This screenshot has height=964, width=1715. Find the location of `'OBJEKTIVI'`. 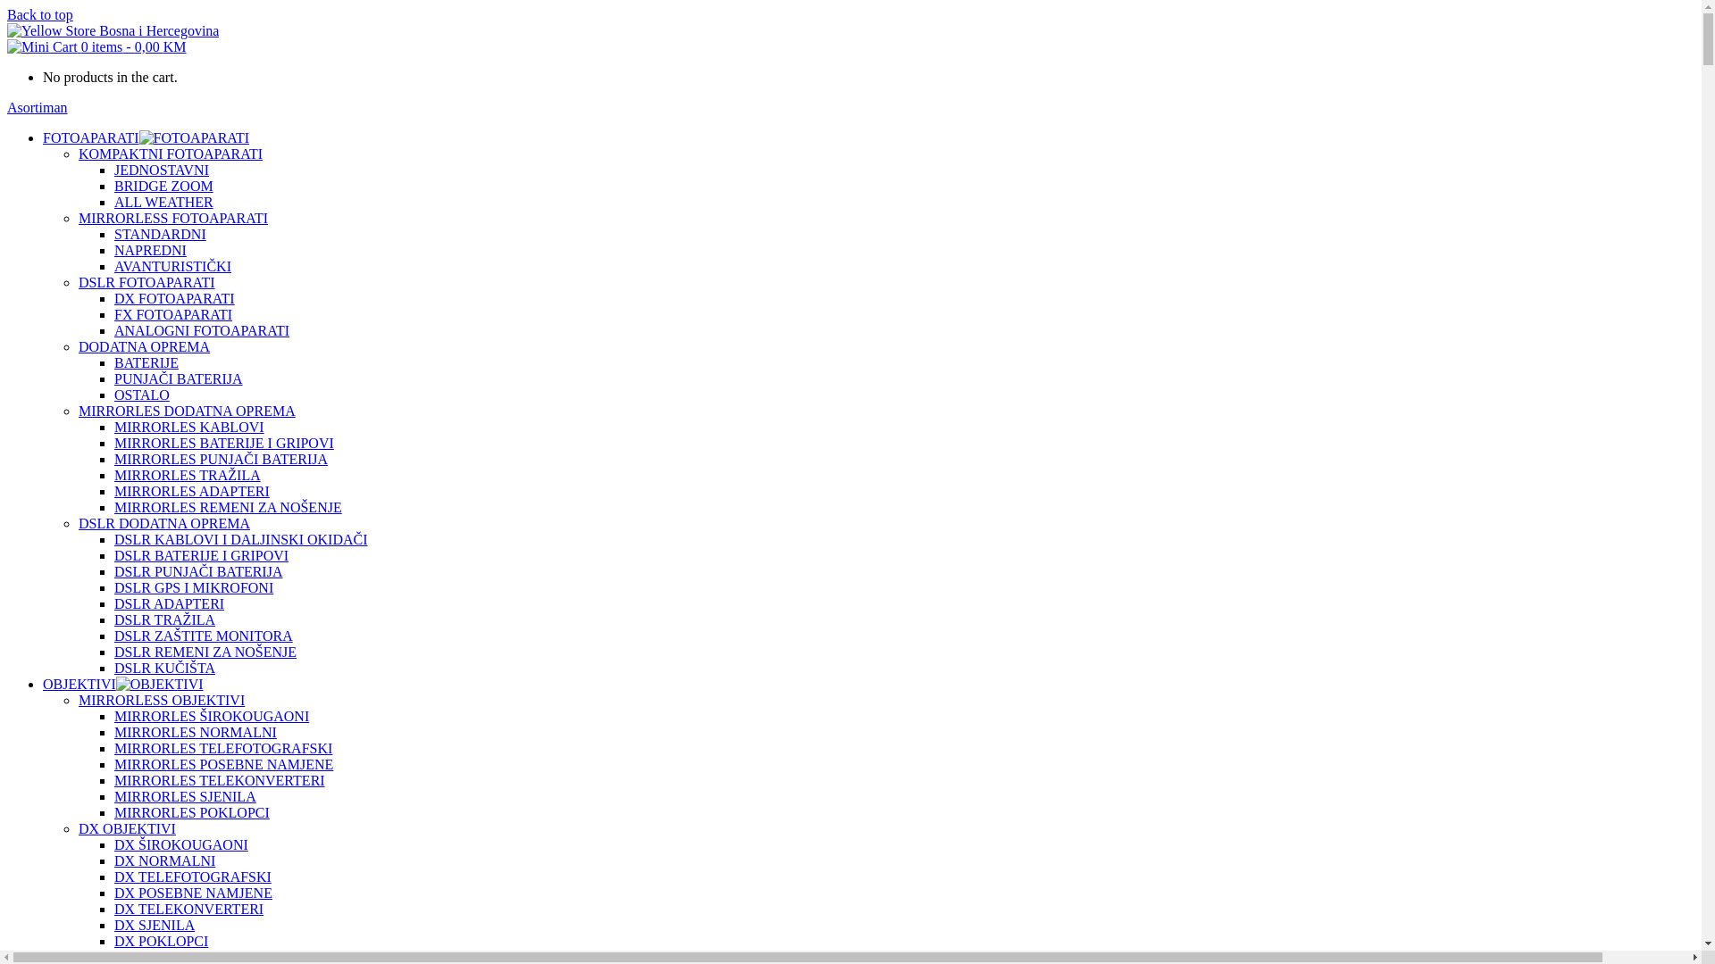

'OBJEKTIVI' is located at coordinates (79, 683).